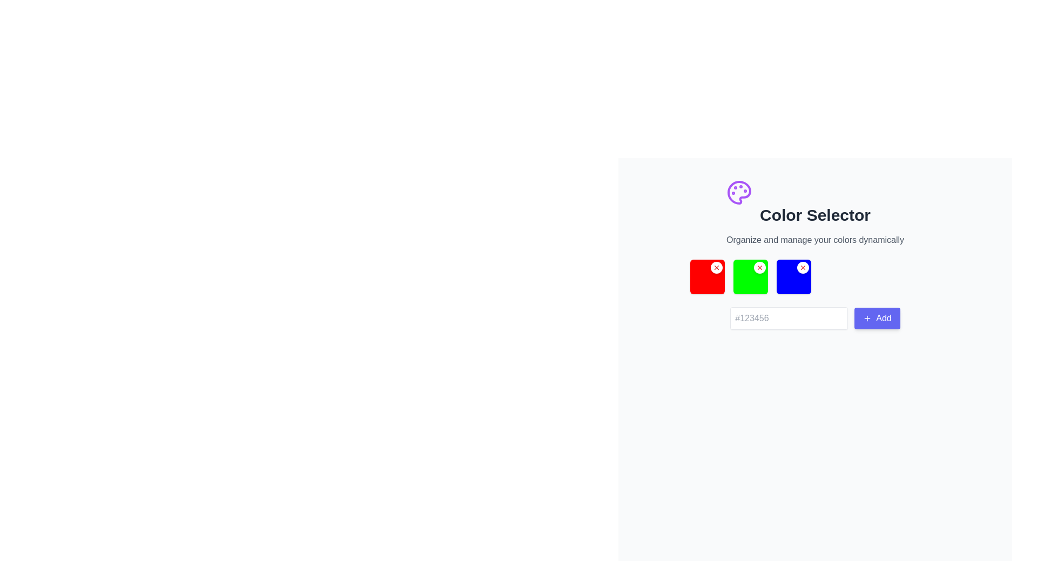  What do you see at coordinates (716, 267) in the screenshot?
I see `the small red x icon (SVG-based) located in the top-right corner of the green color box` at bounding box center [716, 267].